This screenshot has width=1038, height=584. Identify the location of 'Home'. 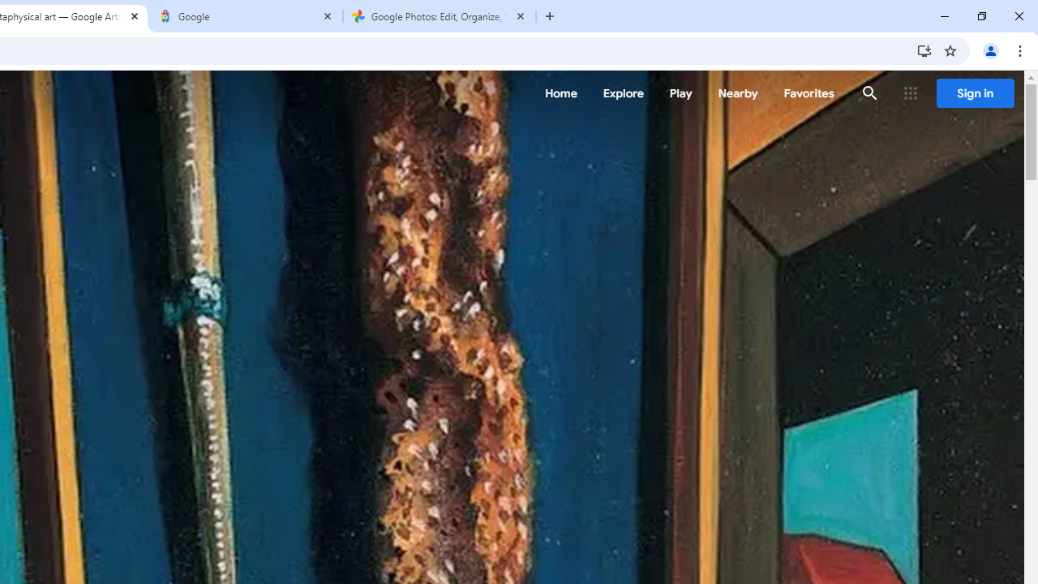
(560, 93).